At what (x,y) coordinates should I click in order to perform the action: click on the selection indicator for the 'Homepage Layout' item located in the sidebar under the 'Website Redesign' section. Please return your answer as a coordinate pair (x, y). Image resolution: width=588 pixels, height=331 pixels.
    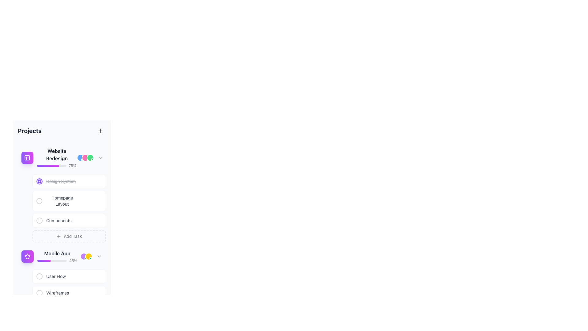
    Looking at the image, I should click on (39, 201).